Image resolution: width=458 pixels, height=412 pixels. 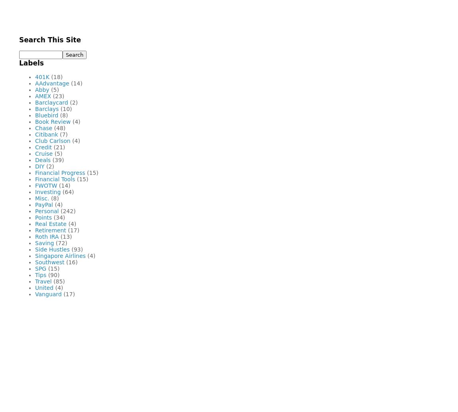 What do you see at coordinates (43, 154) in the screenshot?
I see `'Cruise'` at bounding box center [43, 154].